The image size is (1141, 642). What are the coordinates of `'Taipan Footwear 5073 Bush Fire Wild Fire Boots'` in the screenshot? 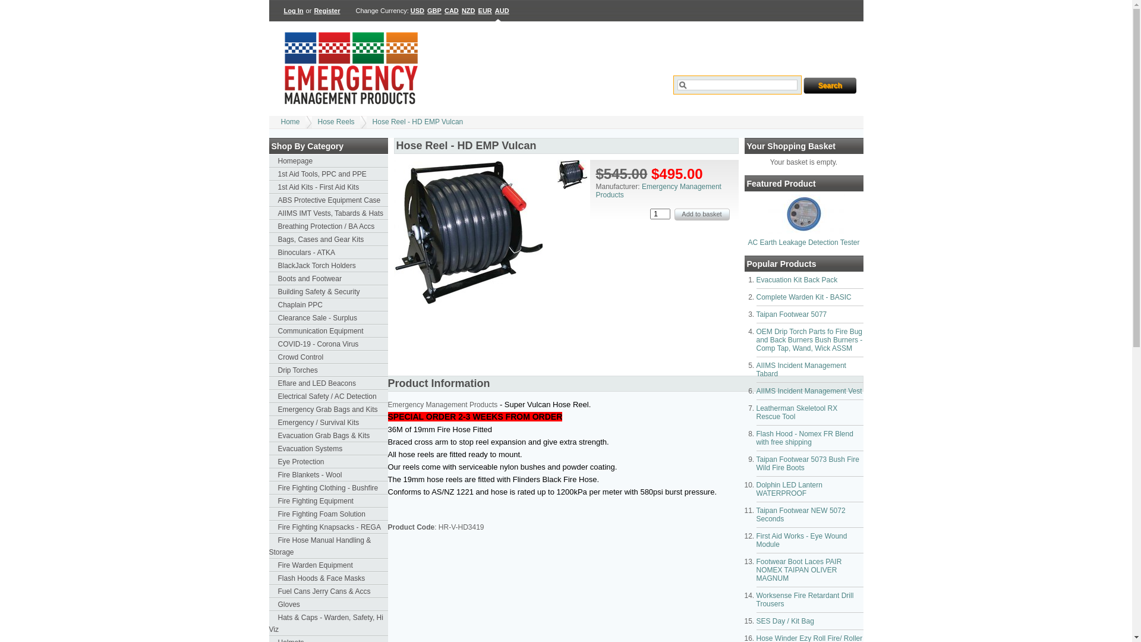 It's located at (807, 462).